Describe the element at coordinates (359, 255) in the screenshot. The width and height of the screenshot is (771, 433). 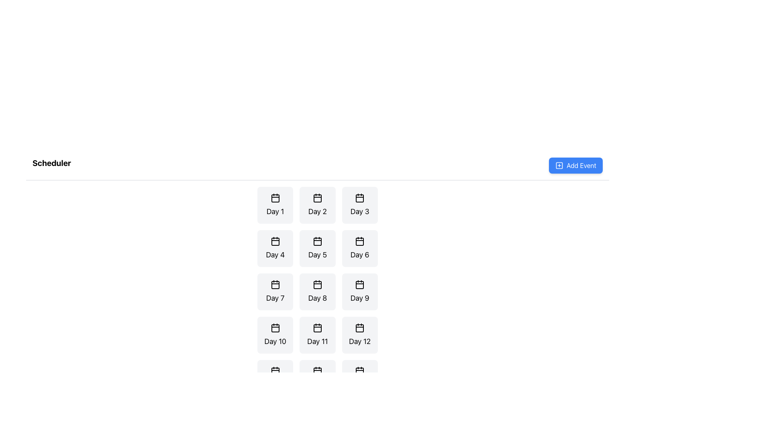
I see `the static text label that identifies 'Day 6' in the Scheduler grid, located below a calendar icon in the second row, third column` at that location.